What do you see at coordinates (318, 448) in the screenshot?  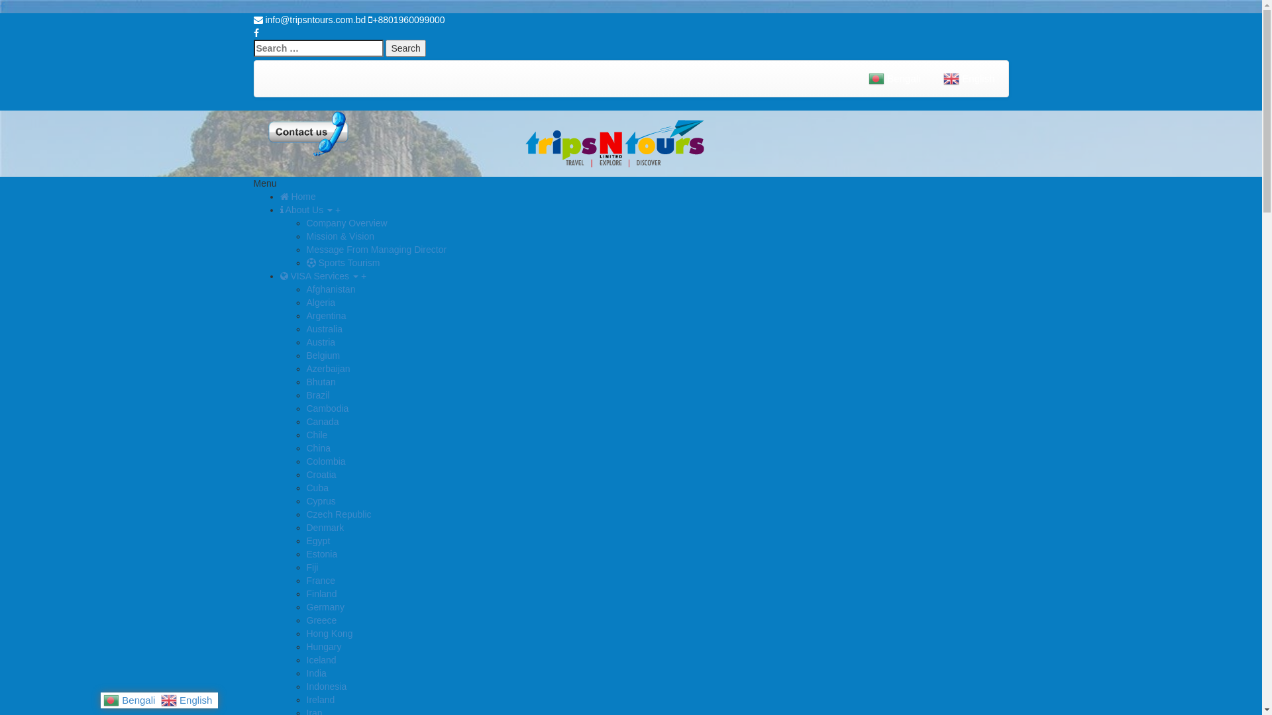 I see `'China'` at bounding box center [318, 448].